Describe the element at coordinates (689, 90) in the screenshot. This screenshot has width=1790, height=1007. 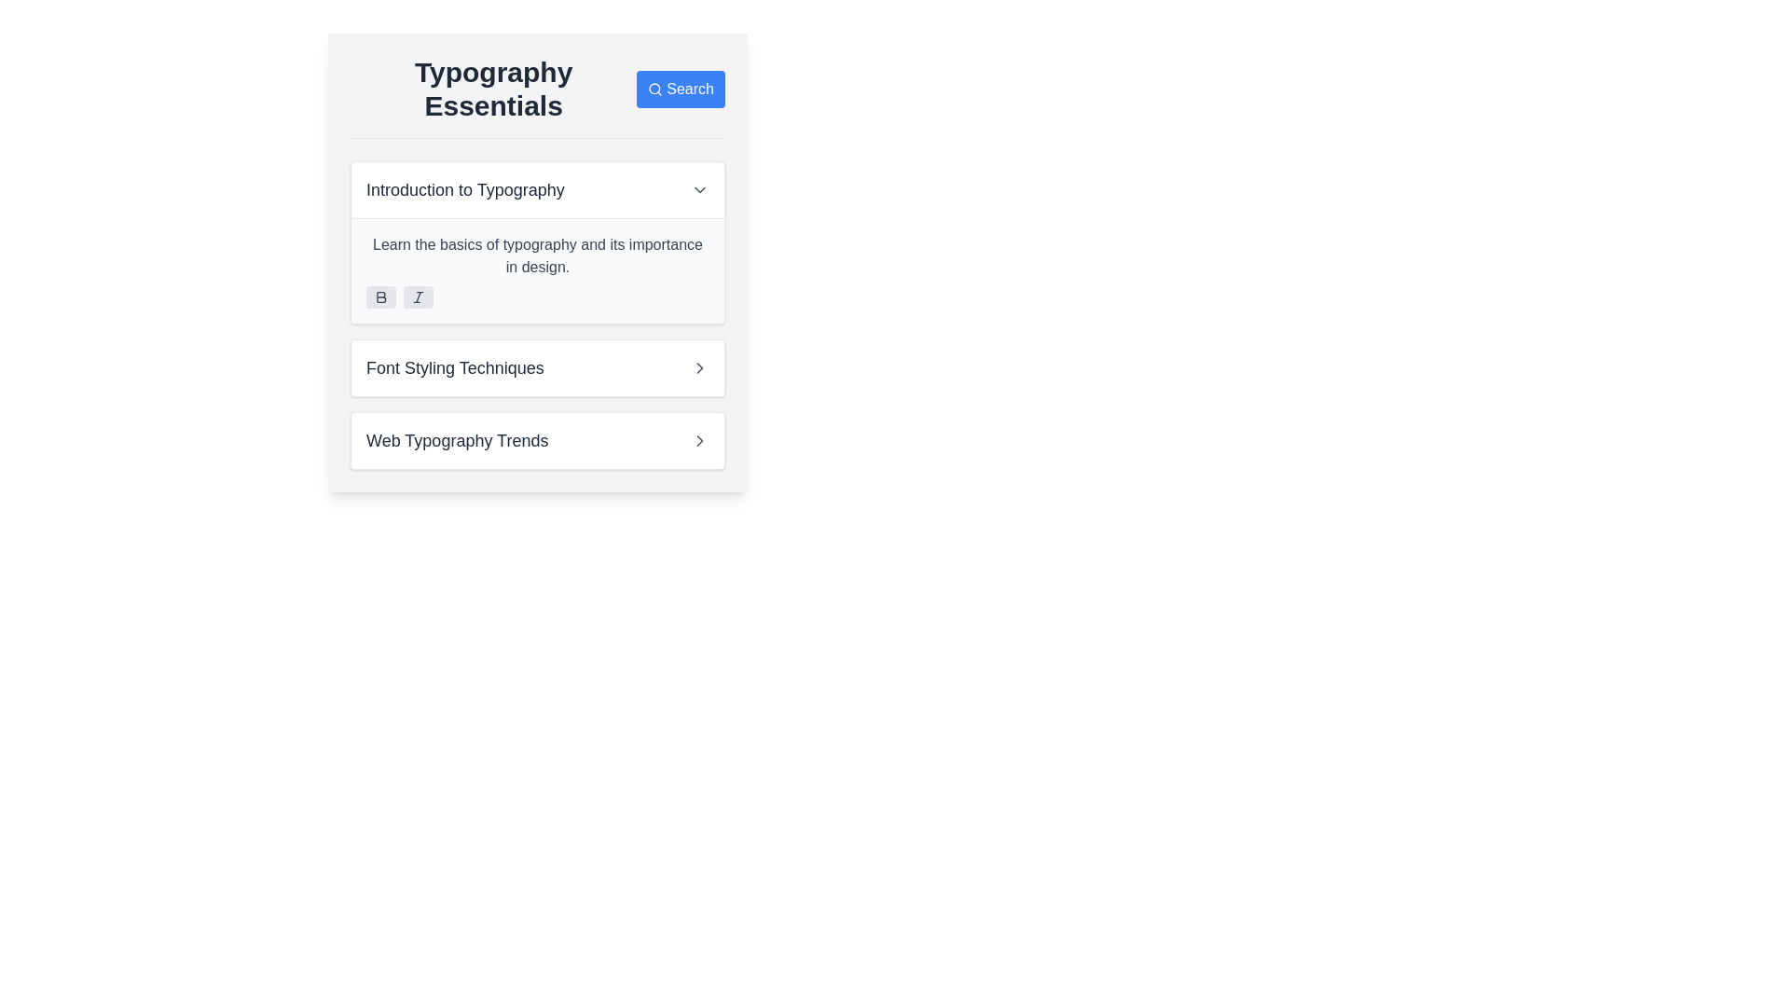
I see `the 'Search' text label within the blue button located in the top-right corner of the 'Typography Essentials' panel` at that location.